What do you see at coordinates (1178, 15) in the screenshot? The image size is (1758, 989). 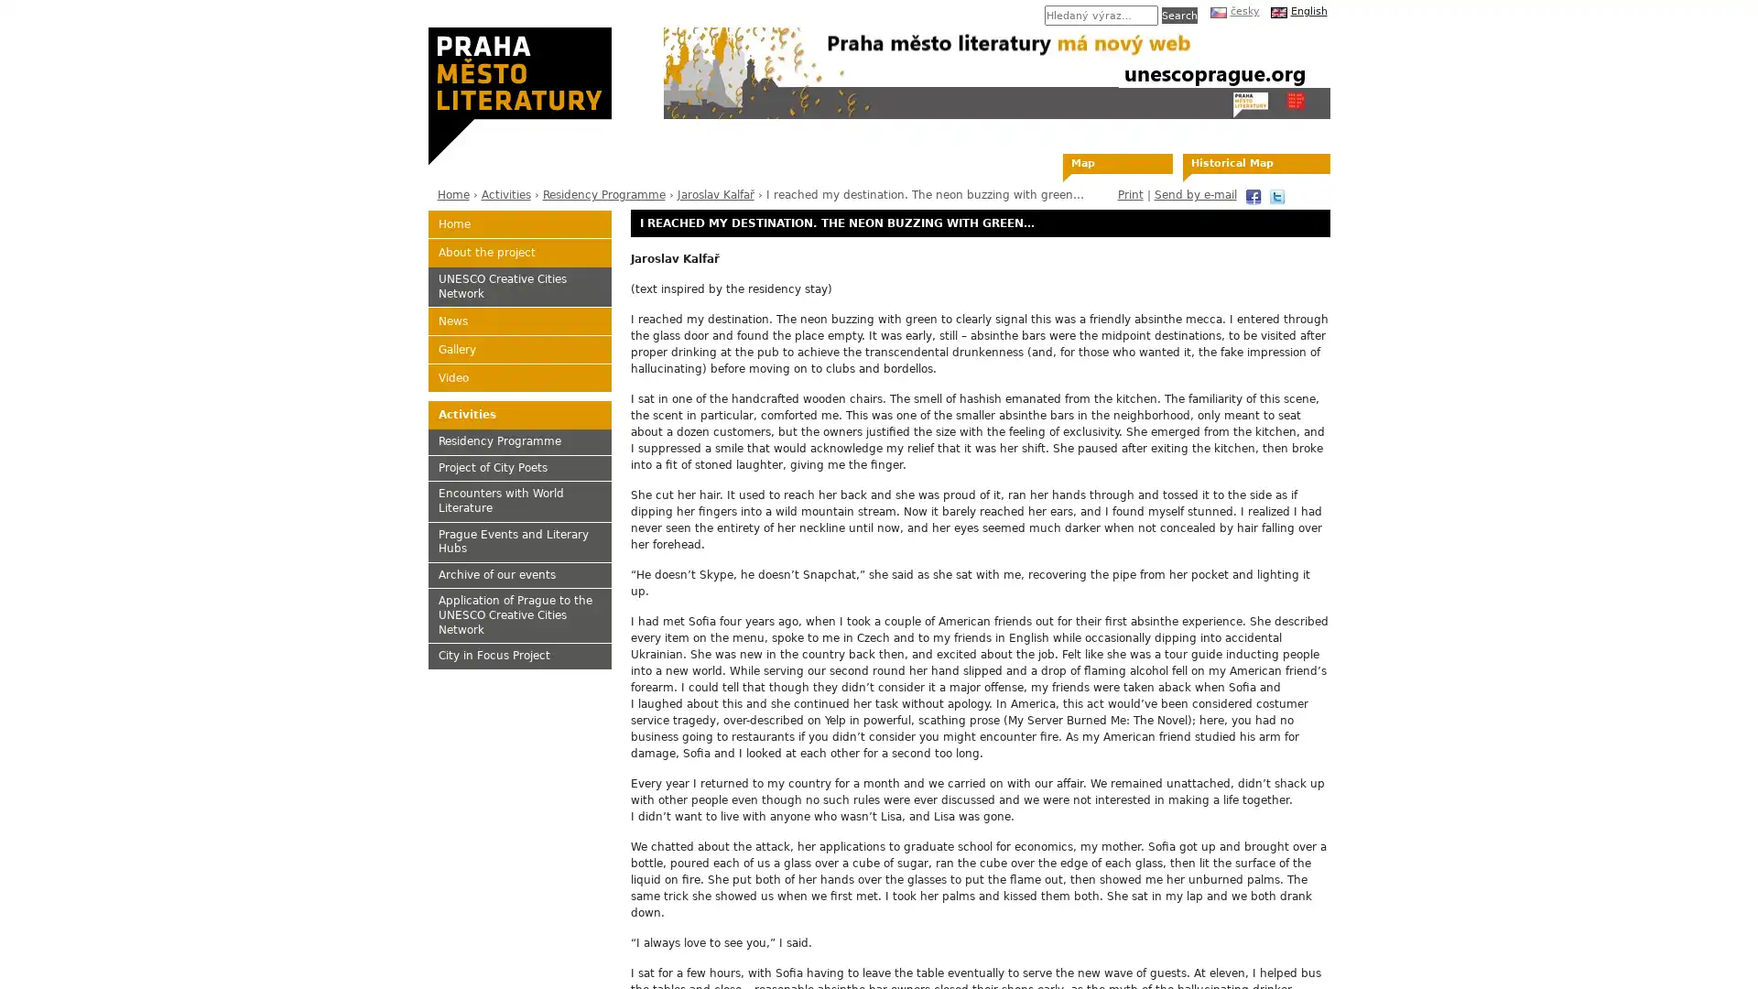 I see `Search` at bounding box center [1178, 15].